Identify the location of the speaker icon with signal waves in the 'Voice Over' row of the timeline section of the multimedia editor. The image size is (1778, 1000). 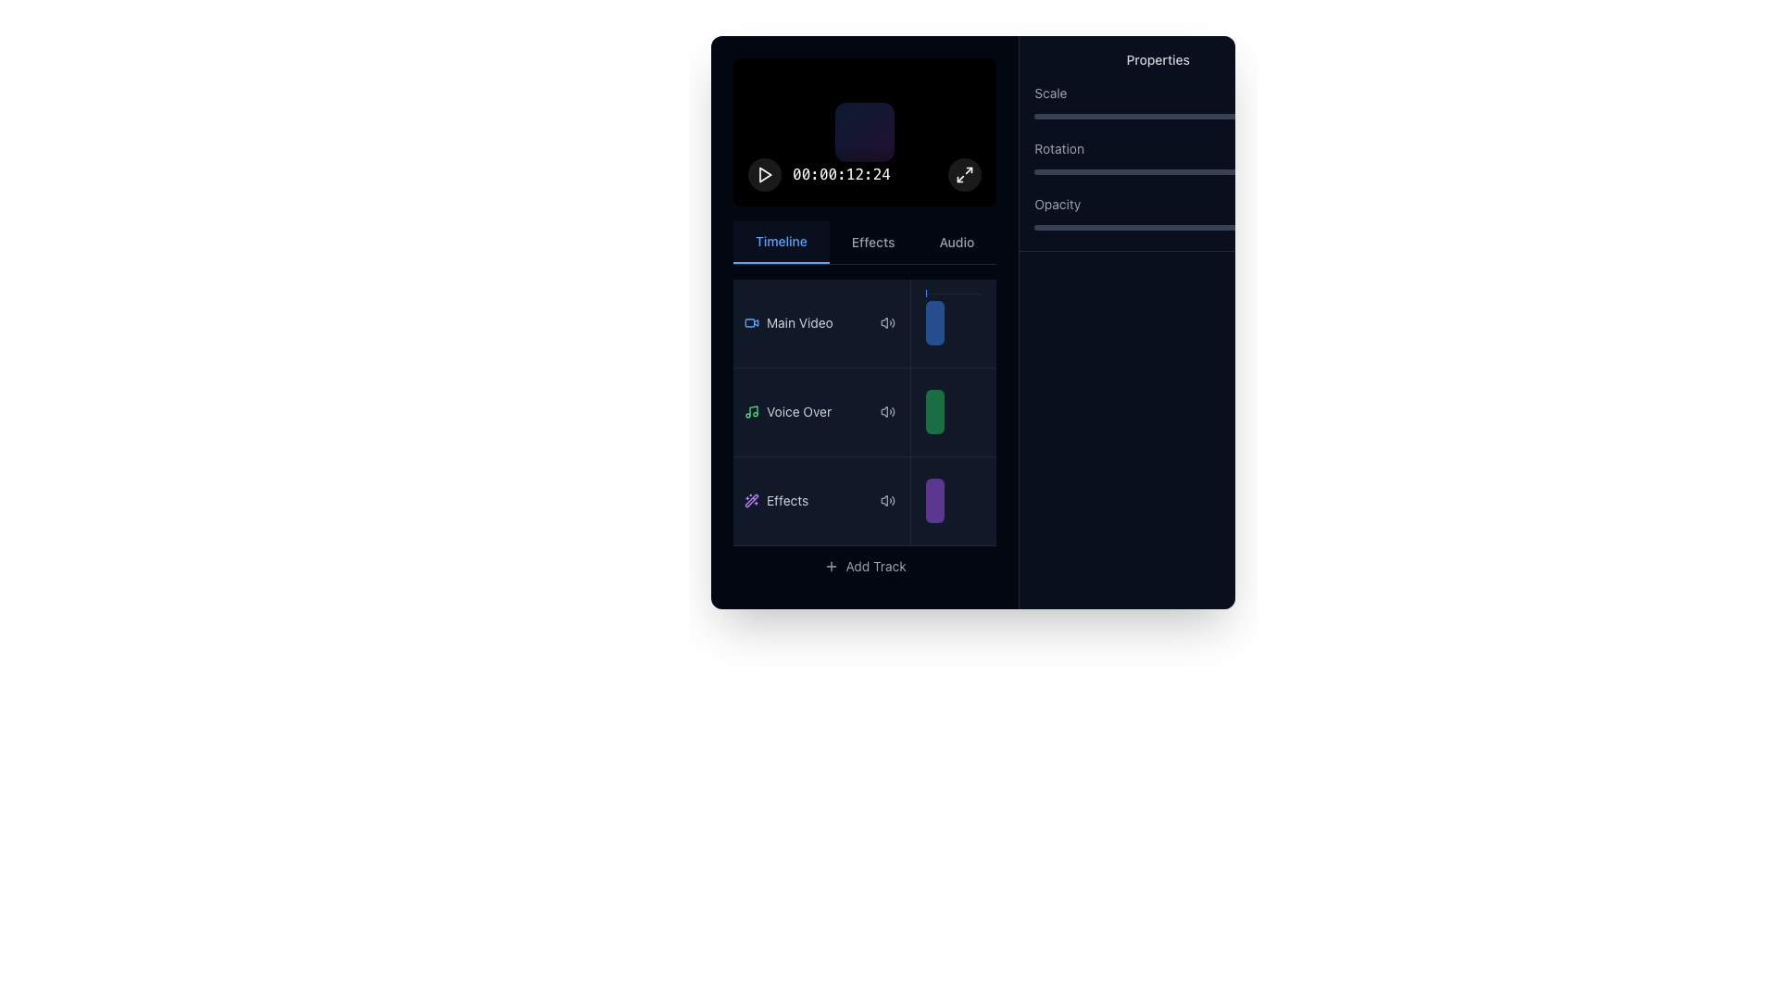
(887, 410).